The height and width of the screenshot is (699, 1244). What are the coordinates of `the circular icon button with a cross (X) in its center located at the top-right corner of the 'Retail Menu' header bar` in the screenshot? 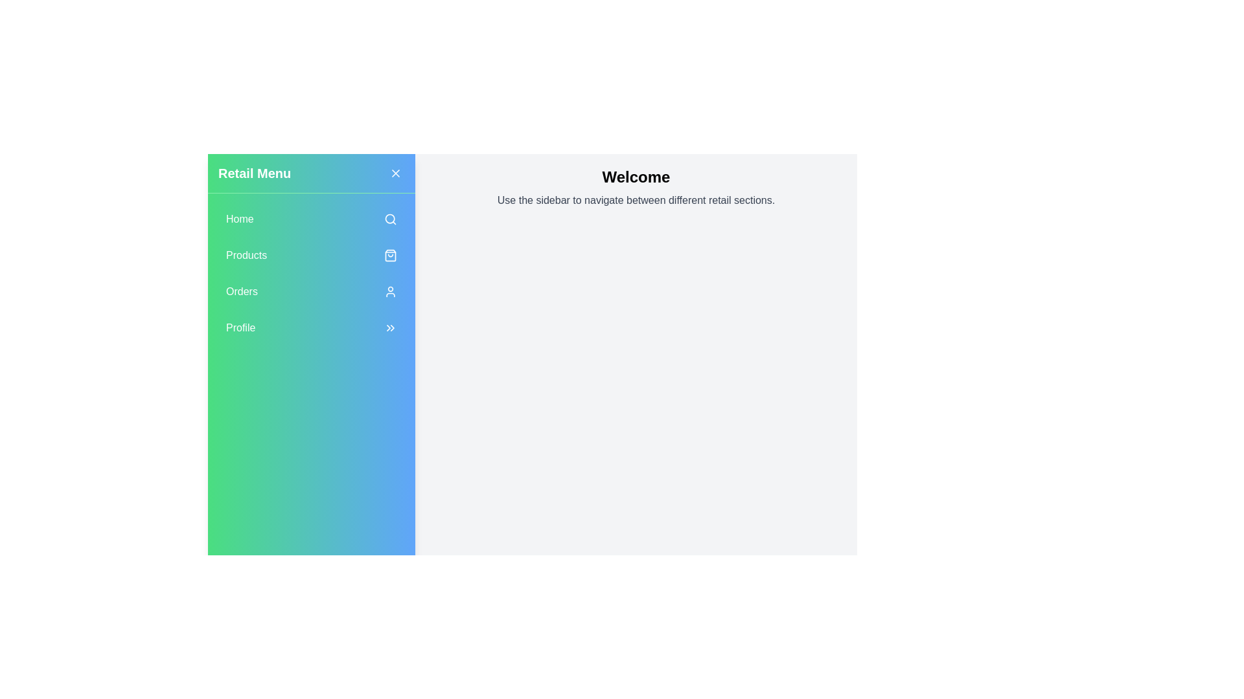 It's located at (395, 172).